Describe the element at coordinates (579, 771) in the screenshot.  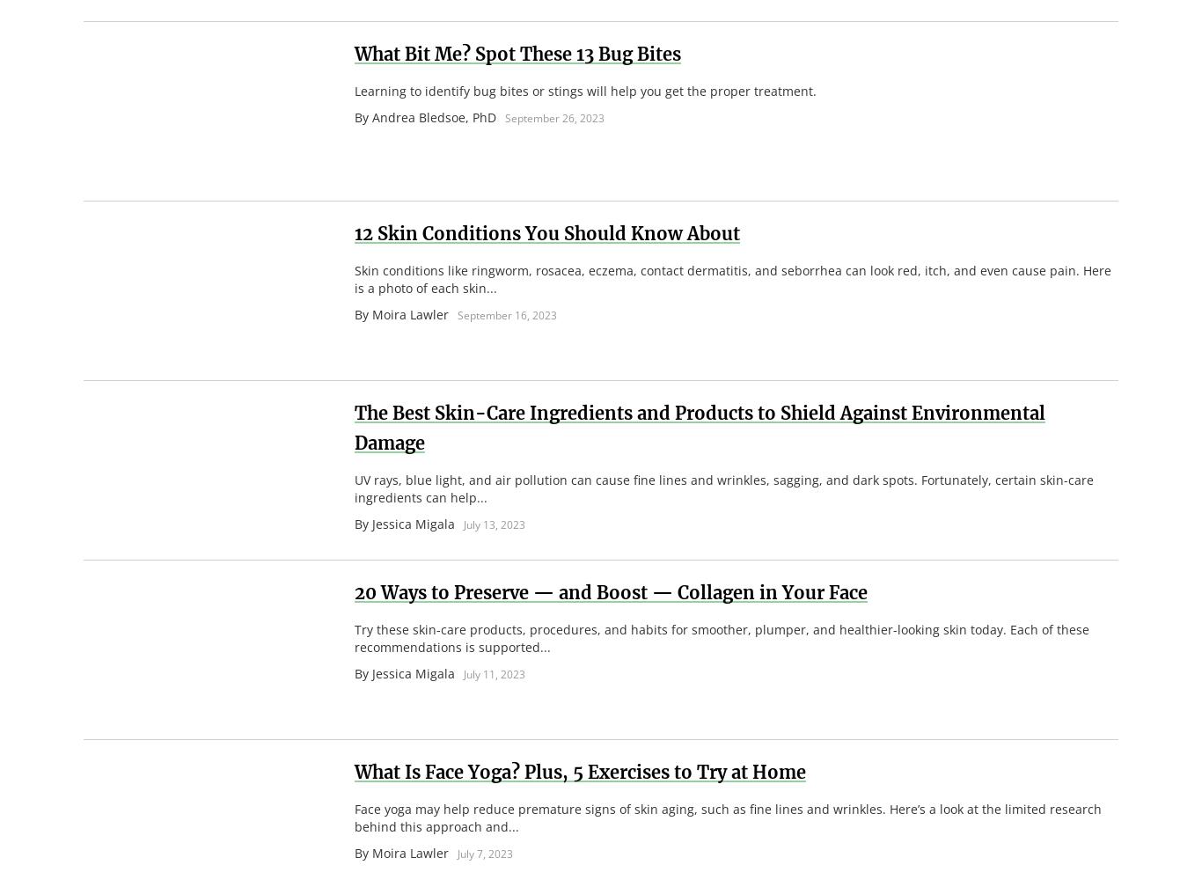
I see `'What Is Face Yoga? Plus, 5 Exercises to Try at Home'` at that location.